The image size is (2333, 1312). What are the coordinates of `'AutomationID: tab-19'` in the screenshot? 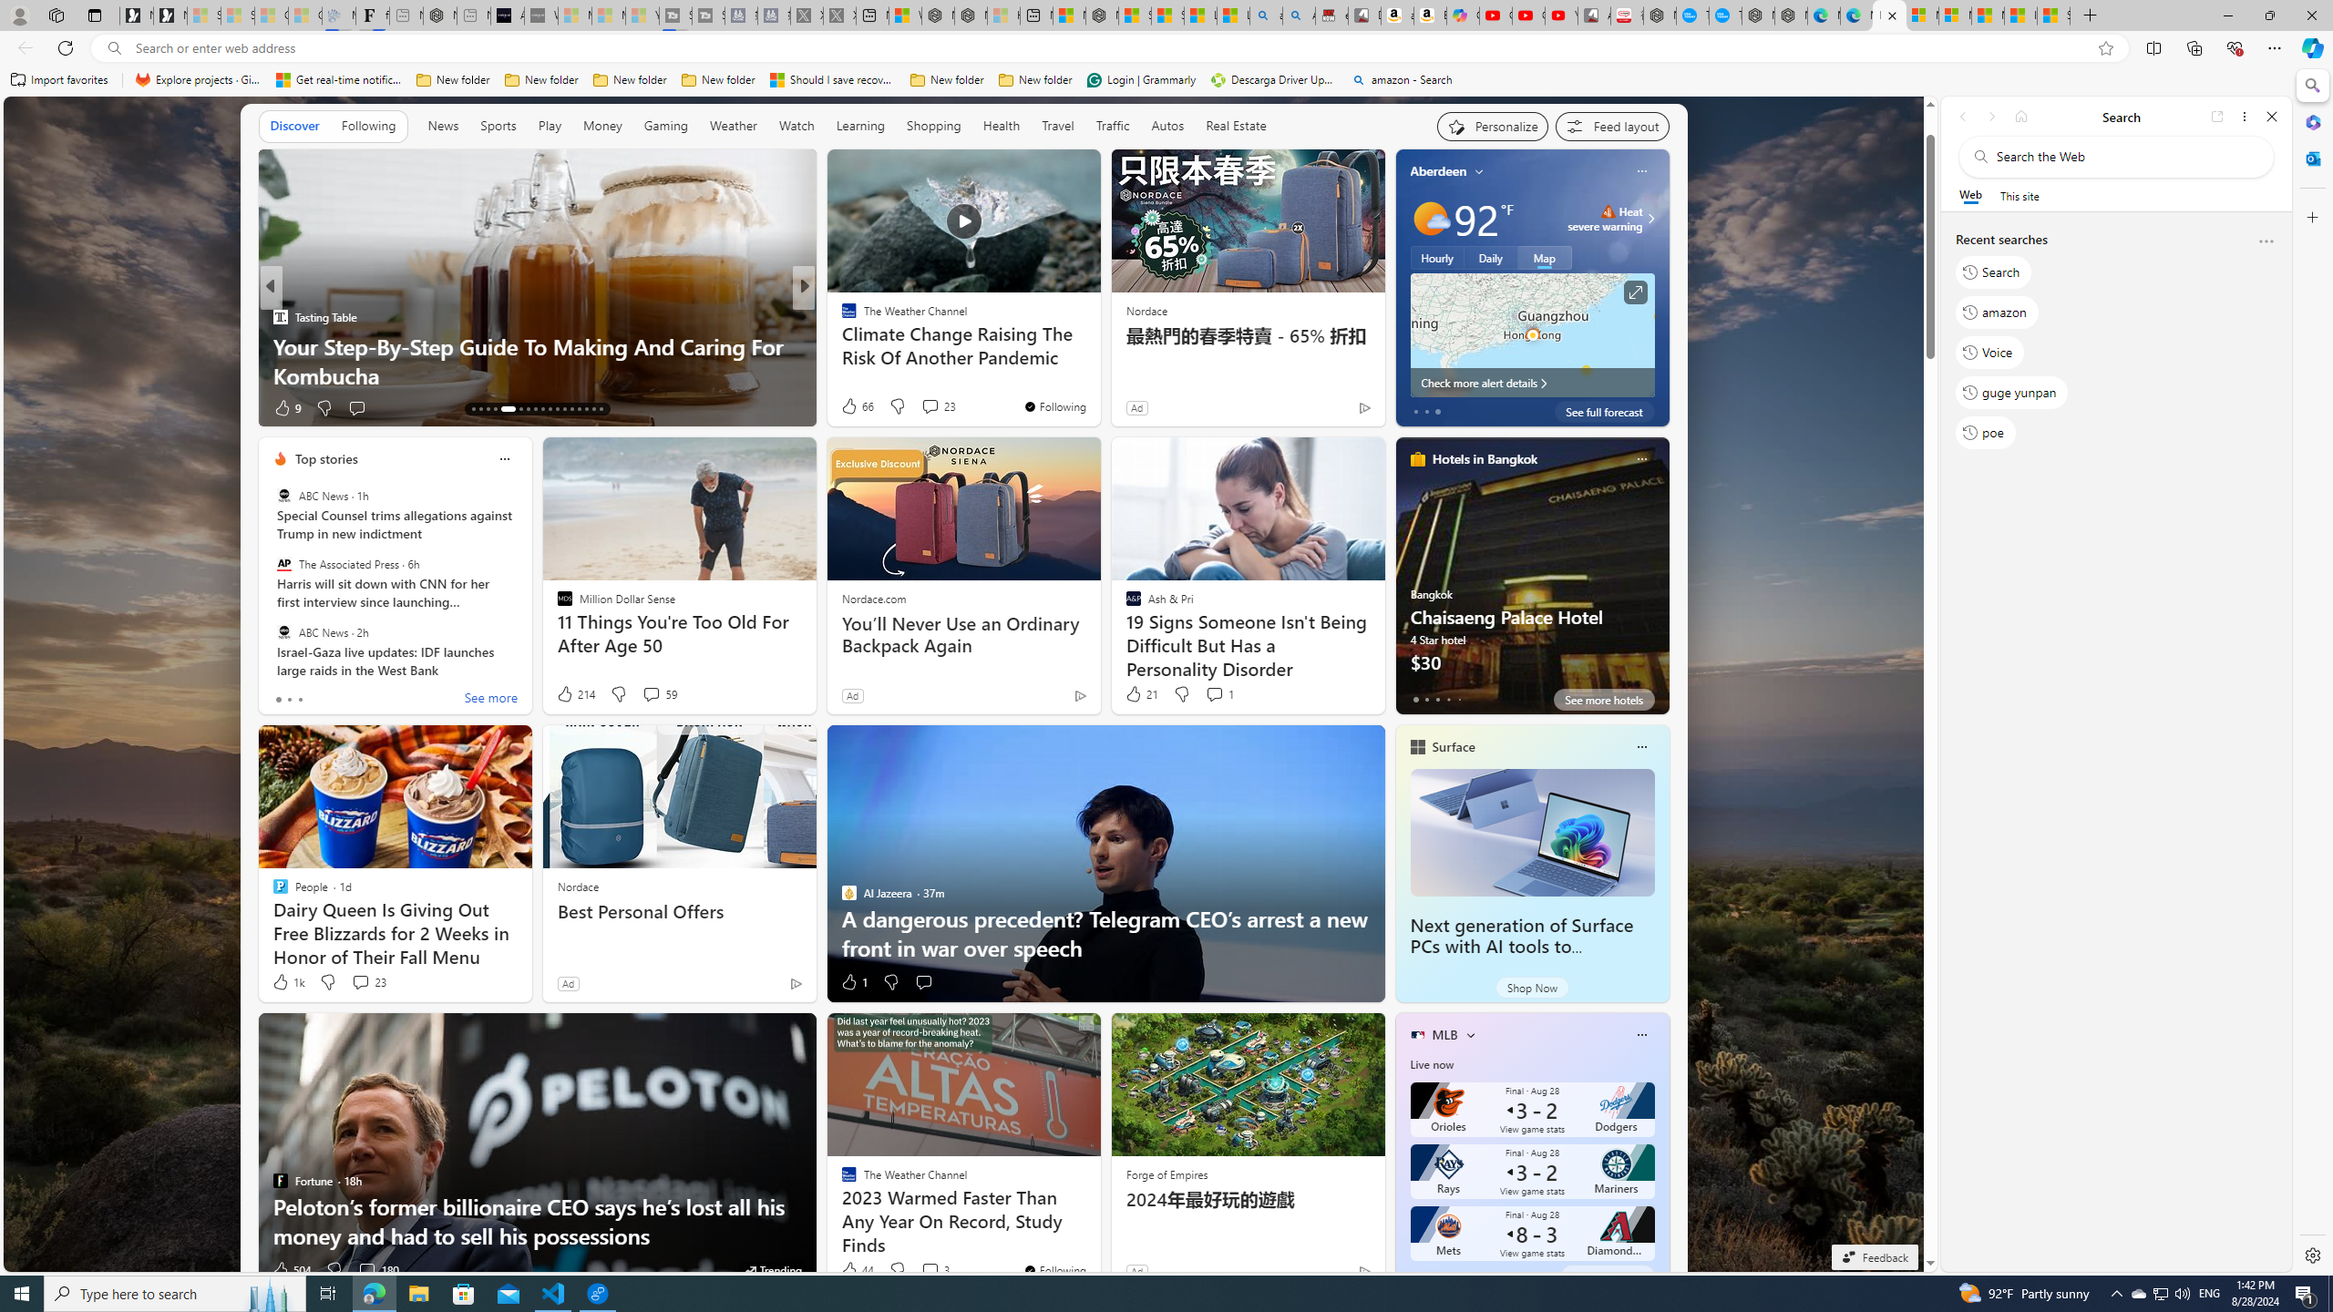 It's located at (527, 408).